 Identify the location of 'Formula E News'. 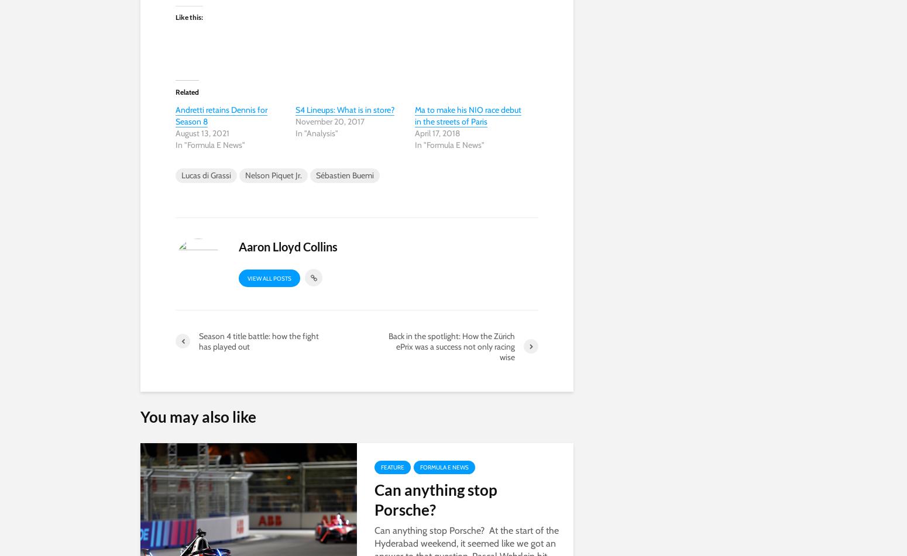
(444, 466).